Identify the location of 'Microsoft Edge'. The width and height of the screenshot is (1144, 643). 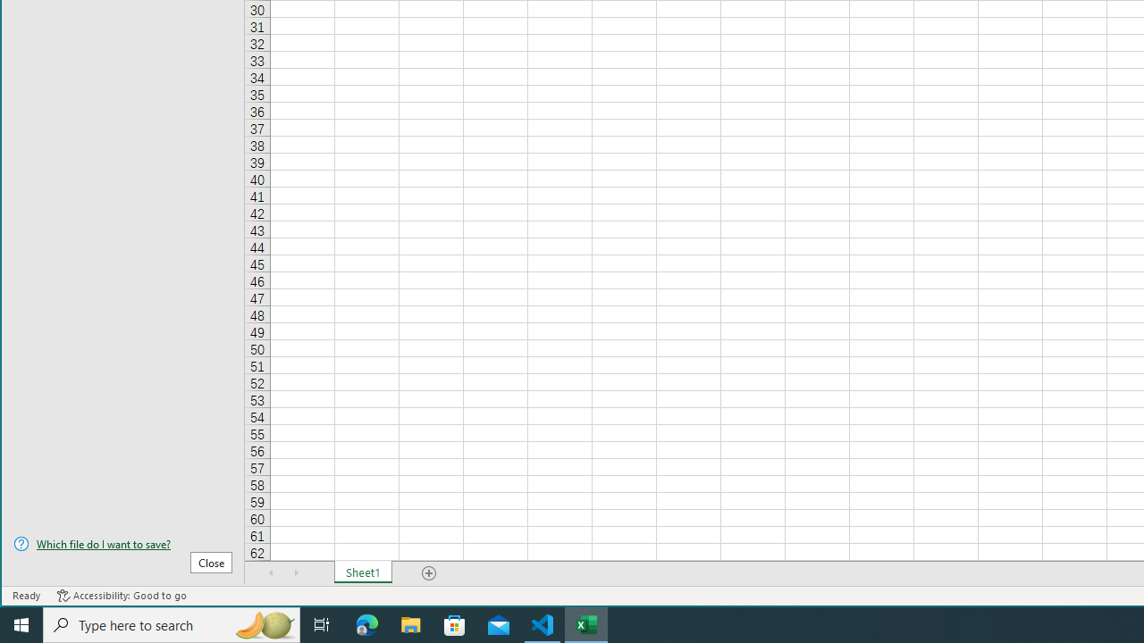
(366, 623).